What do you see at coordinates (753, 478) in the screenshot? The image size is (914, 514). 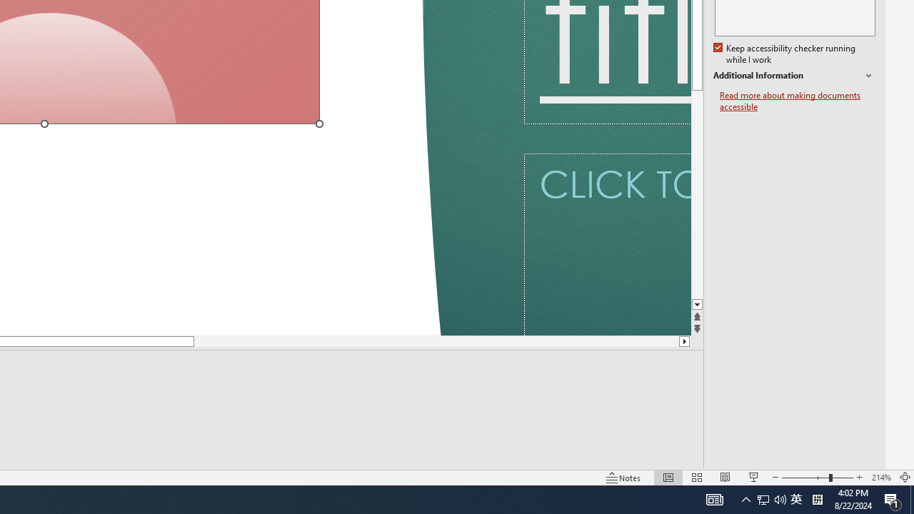 I see `'Slide Show'` at bounding box center [753, 478].